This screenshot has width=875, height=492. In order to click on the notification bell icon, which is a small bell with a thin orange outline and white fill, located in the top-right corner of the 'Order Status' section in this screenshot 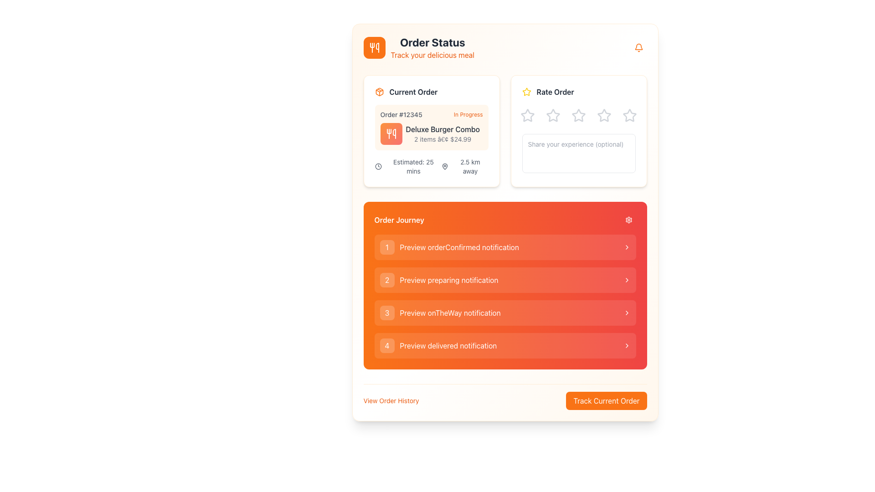, I will do `click(638, 47)`.